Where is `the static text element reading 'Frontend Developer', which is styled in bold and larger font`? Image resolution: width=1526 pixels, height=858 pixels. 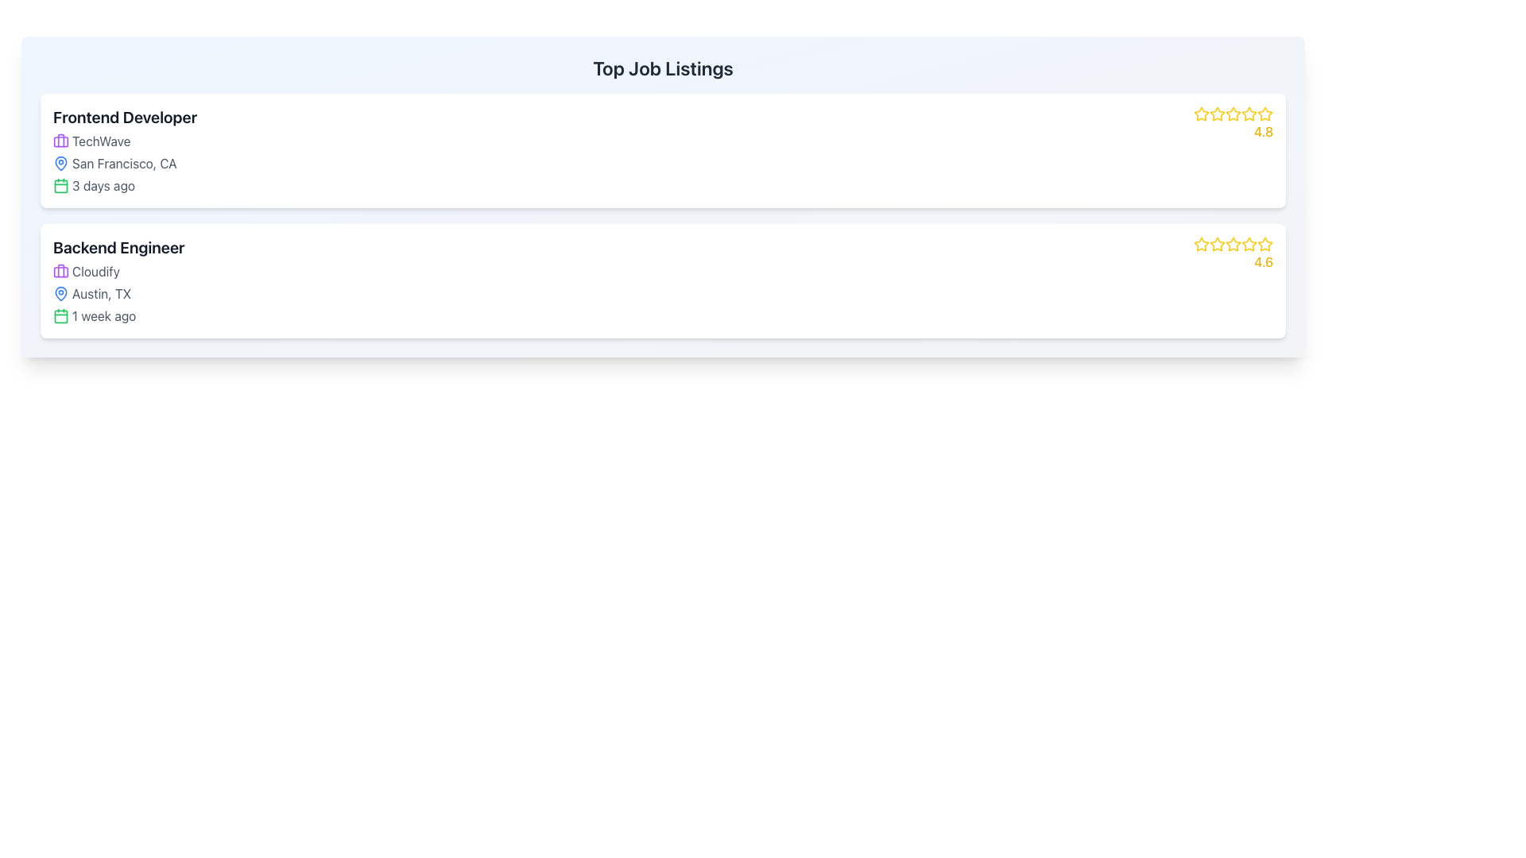
the static text element reading 'Frontend Developer', which is styled in bold and larger font is located at coordinates (124, 116).